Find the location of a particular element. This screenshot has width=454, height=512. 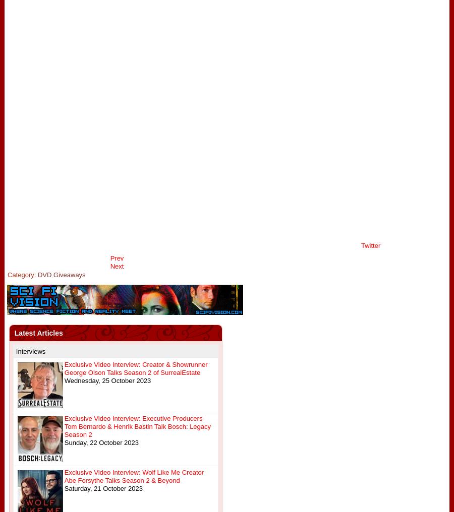

'Exclusive Video Interview: Wolf Like Me Creator Abe Forsythe Talks Season 2 & Beyond' is located at coordinates (133, 476).